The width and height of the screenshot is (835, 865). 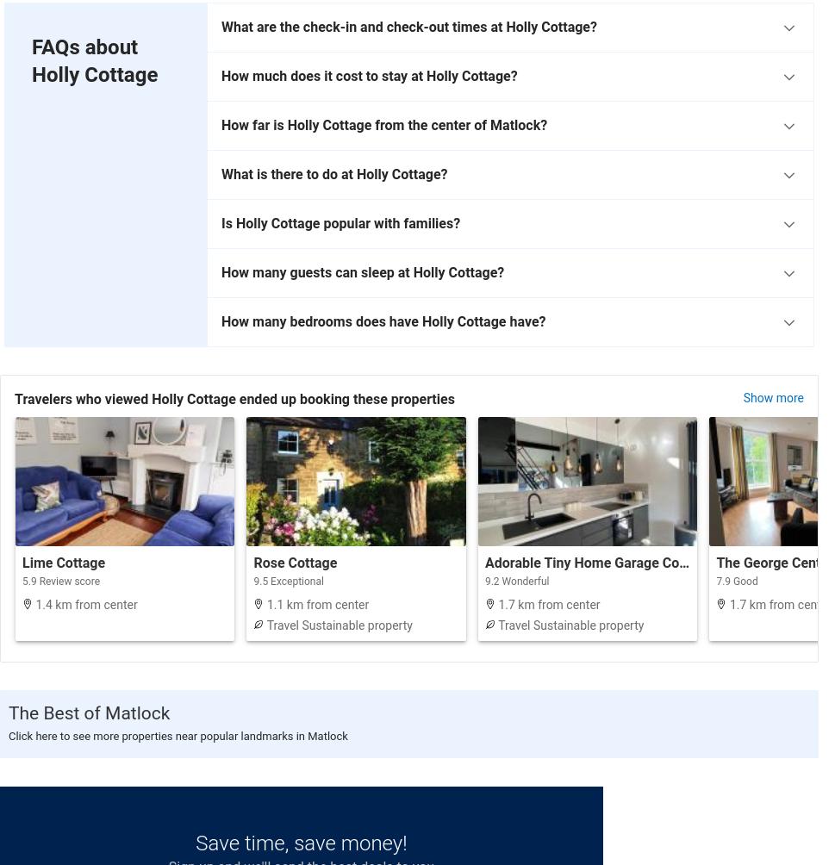 I want to click on 'Lime Cottage', so click(x=63, y=561).